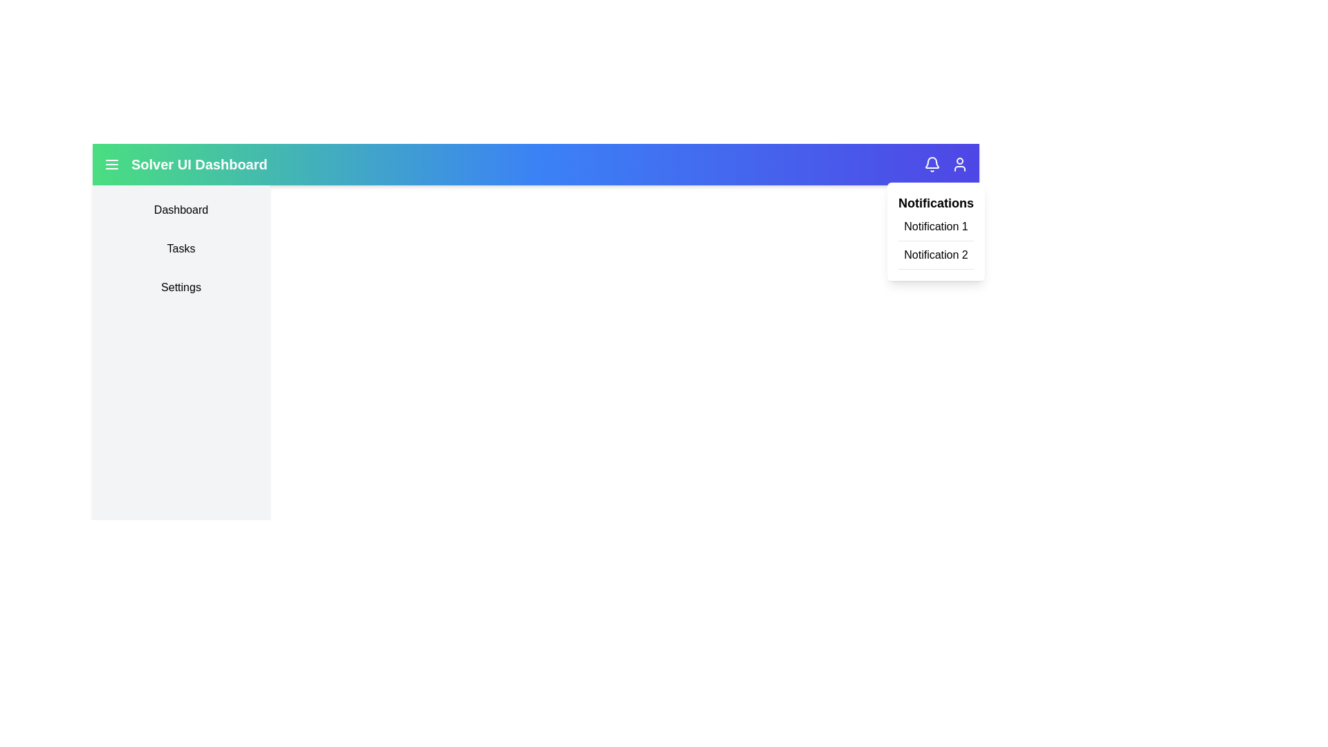  I want to click on the menu toggle button located to the left of the 'Solver UI Dashboard' text, so click(112, 164).